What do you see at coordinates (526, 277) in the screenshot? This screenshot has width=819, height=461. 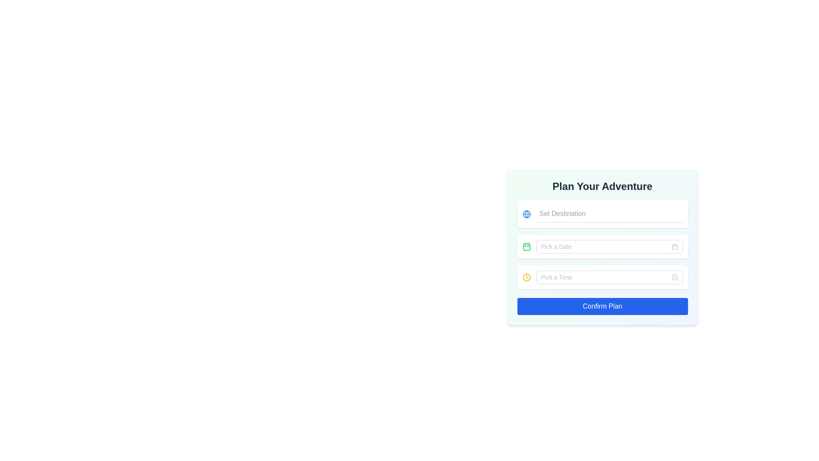 I see `the time-picking icon, which is the left-most icon in the first row of input fields` at bounding box center [526, 277].